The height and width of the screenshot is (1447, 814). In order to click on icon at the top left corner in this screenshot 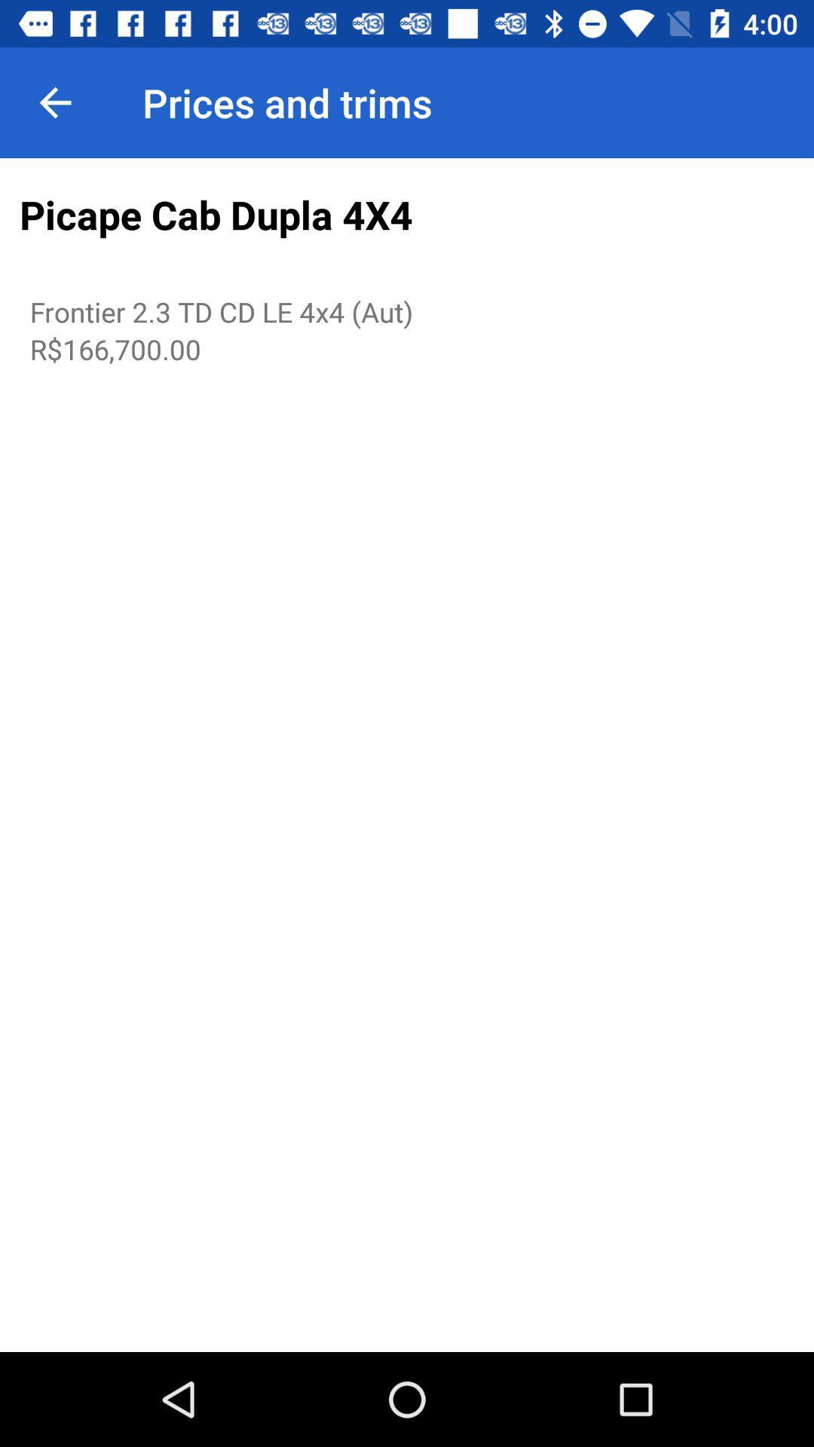, I will do `click(54, 102)`.